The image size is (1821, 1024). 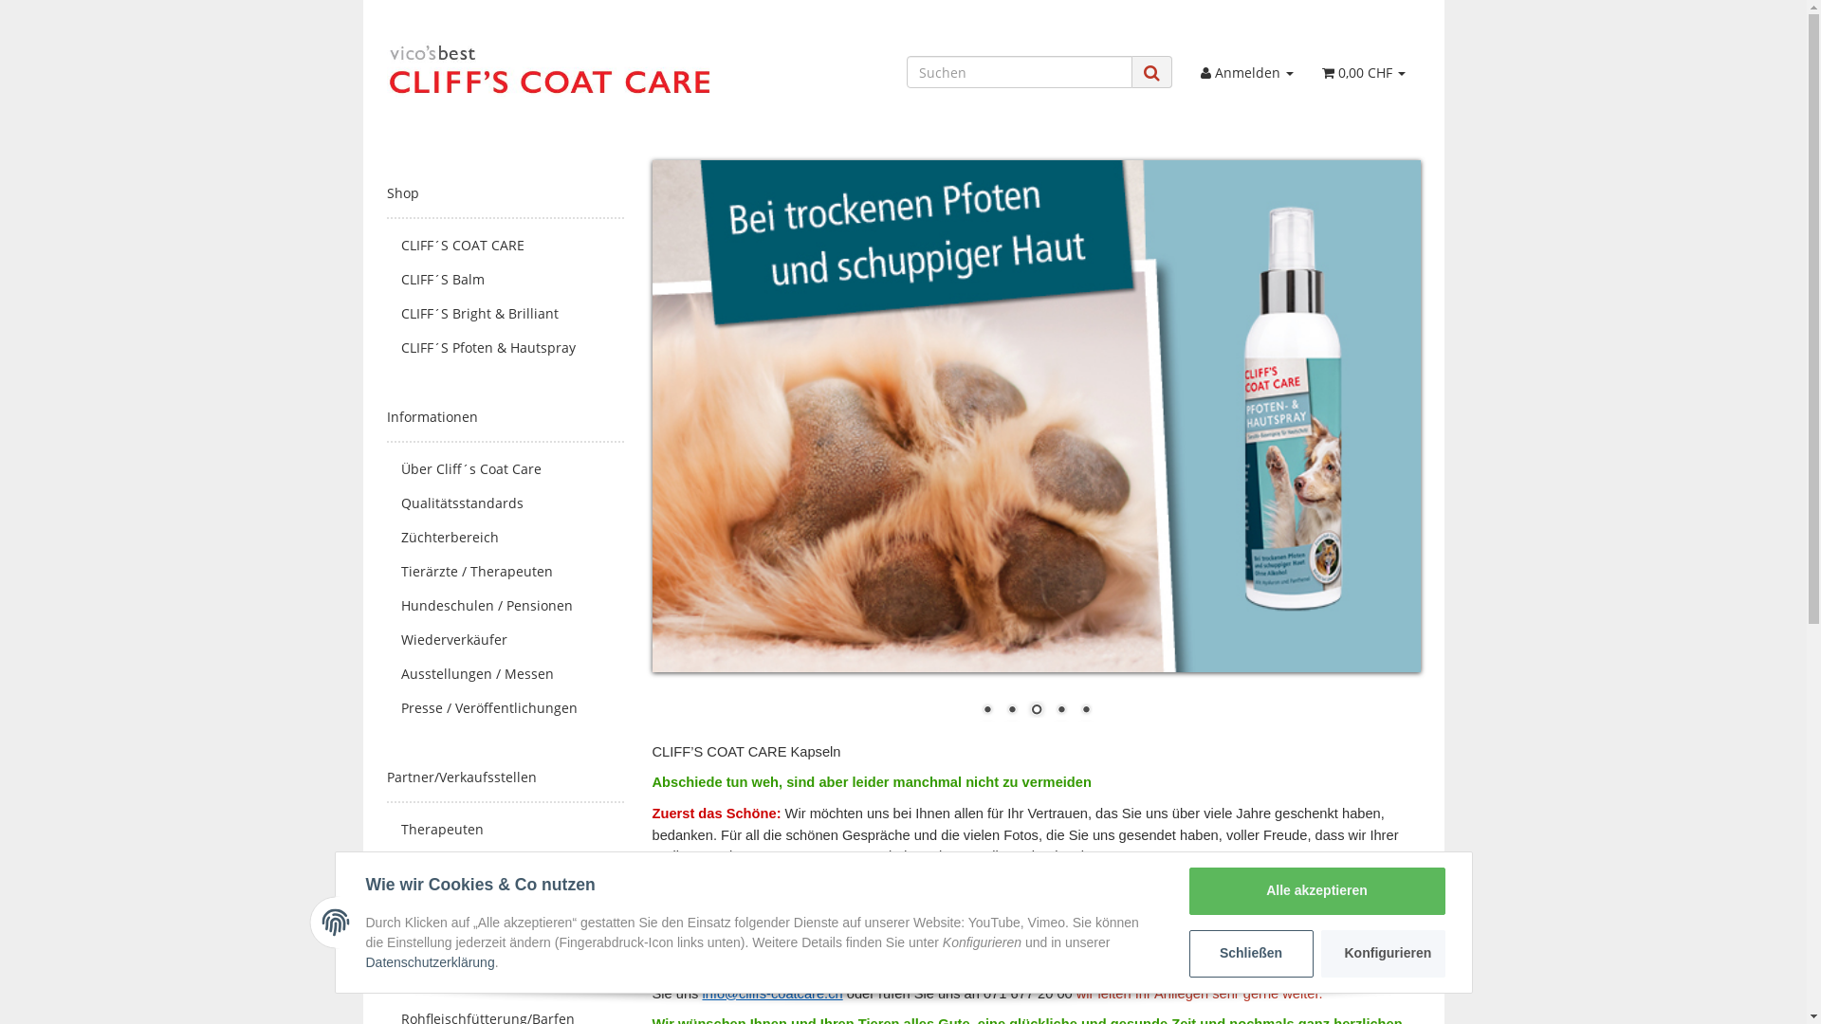 What do you see at coordinates (1247, 72) in the screenshot?
I see `'Anmelden'` at bounding box center [1247, 72].